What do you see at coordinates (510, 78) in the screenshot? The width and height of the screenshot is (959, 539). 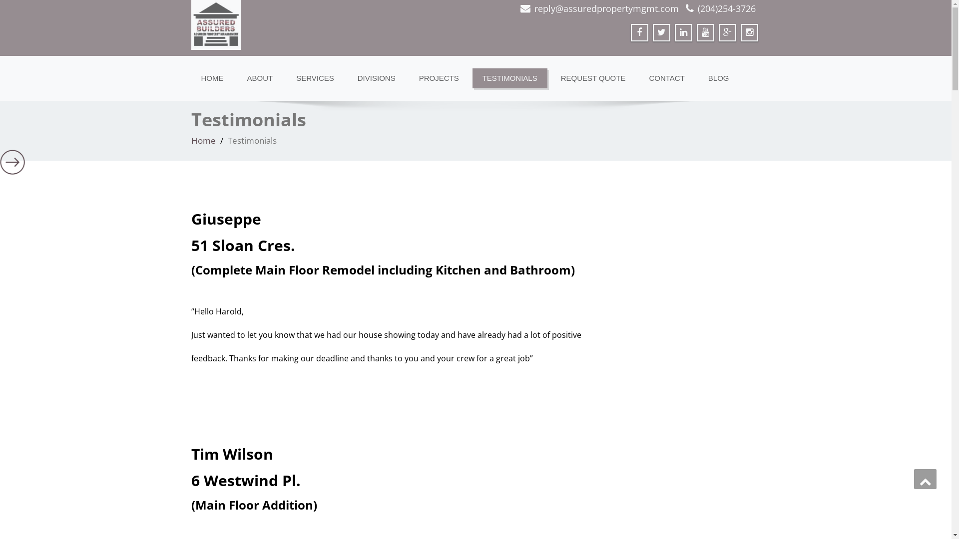 I see `'TESTIMONIALS'` at bounding box center [510, 78].